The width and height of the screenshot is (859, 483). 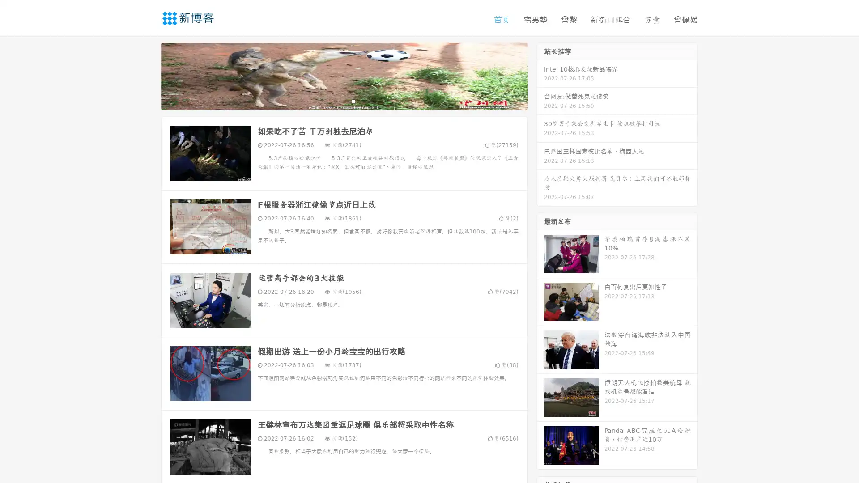 I want to click on Go to slide 1, so click(x=335, y=101).